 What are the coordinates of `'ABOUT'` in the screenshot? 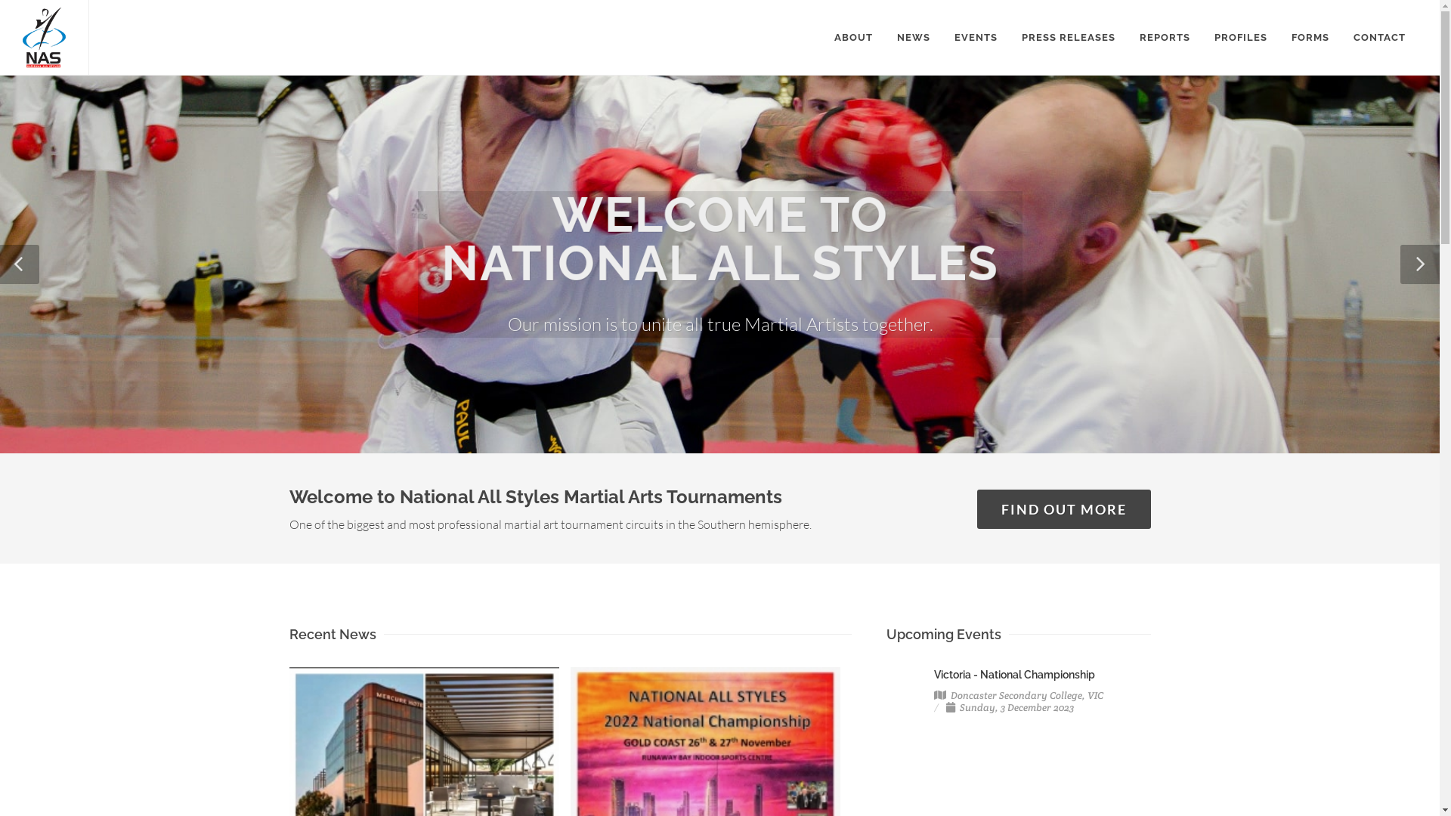 It's located at (853, 37).